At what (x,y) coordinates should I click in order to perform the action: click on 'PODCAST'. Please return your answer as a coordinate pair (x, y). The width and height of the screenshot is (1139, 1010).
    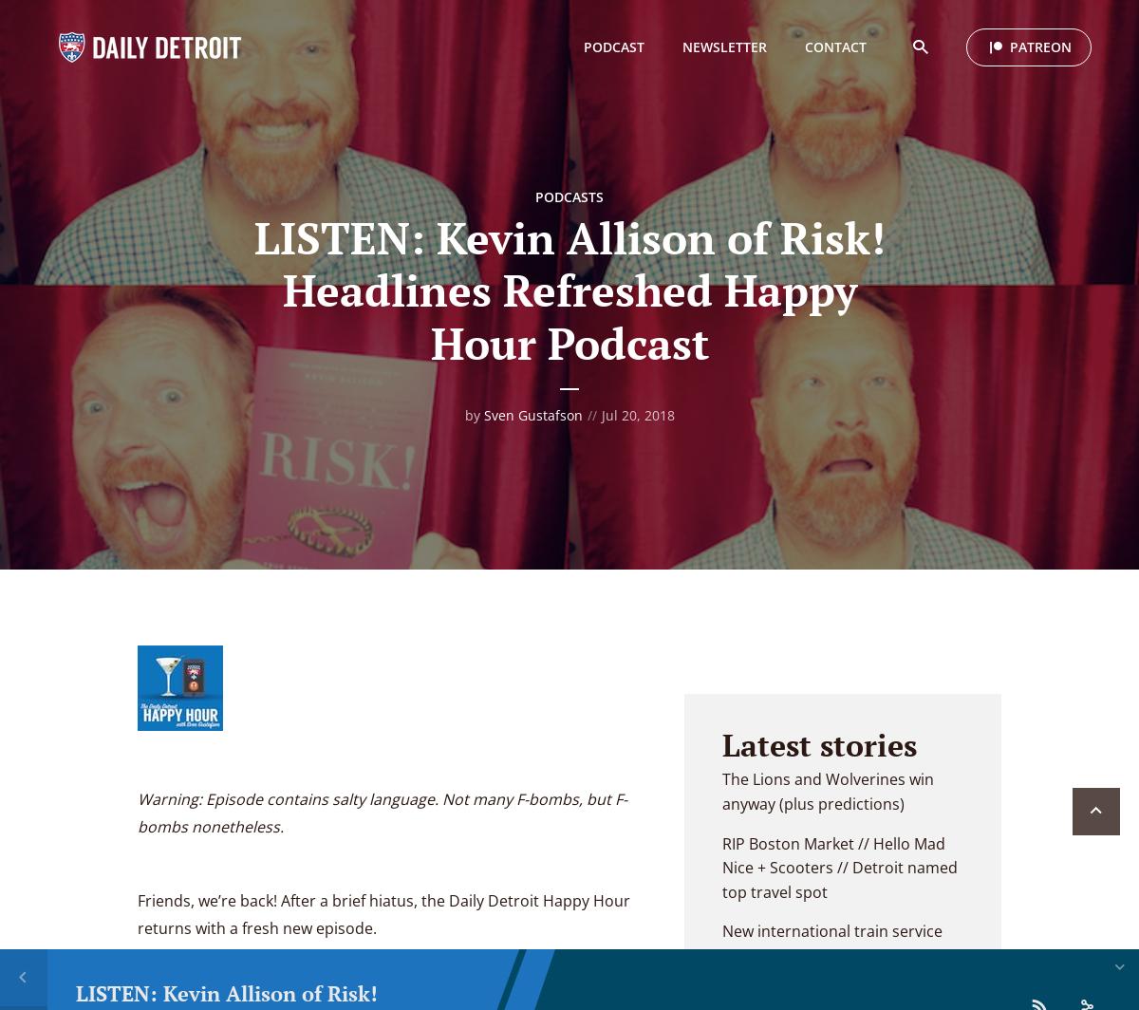
    Looking at the image, I should click on (614, 46).